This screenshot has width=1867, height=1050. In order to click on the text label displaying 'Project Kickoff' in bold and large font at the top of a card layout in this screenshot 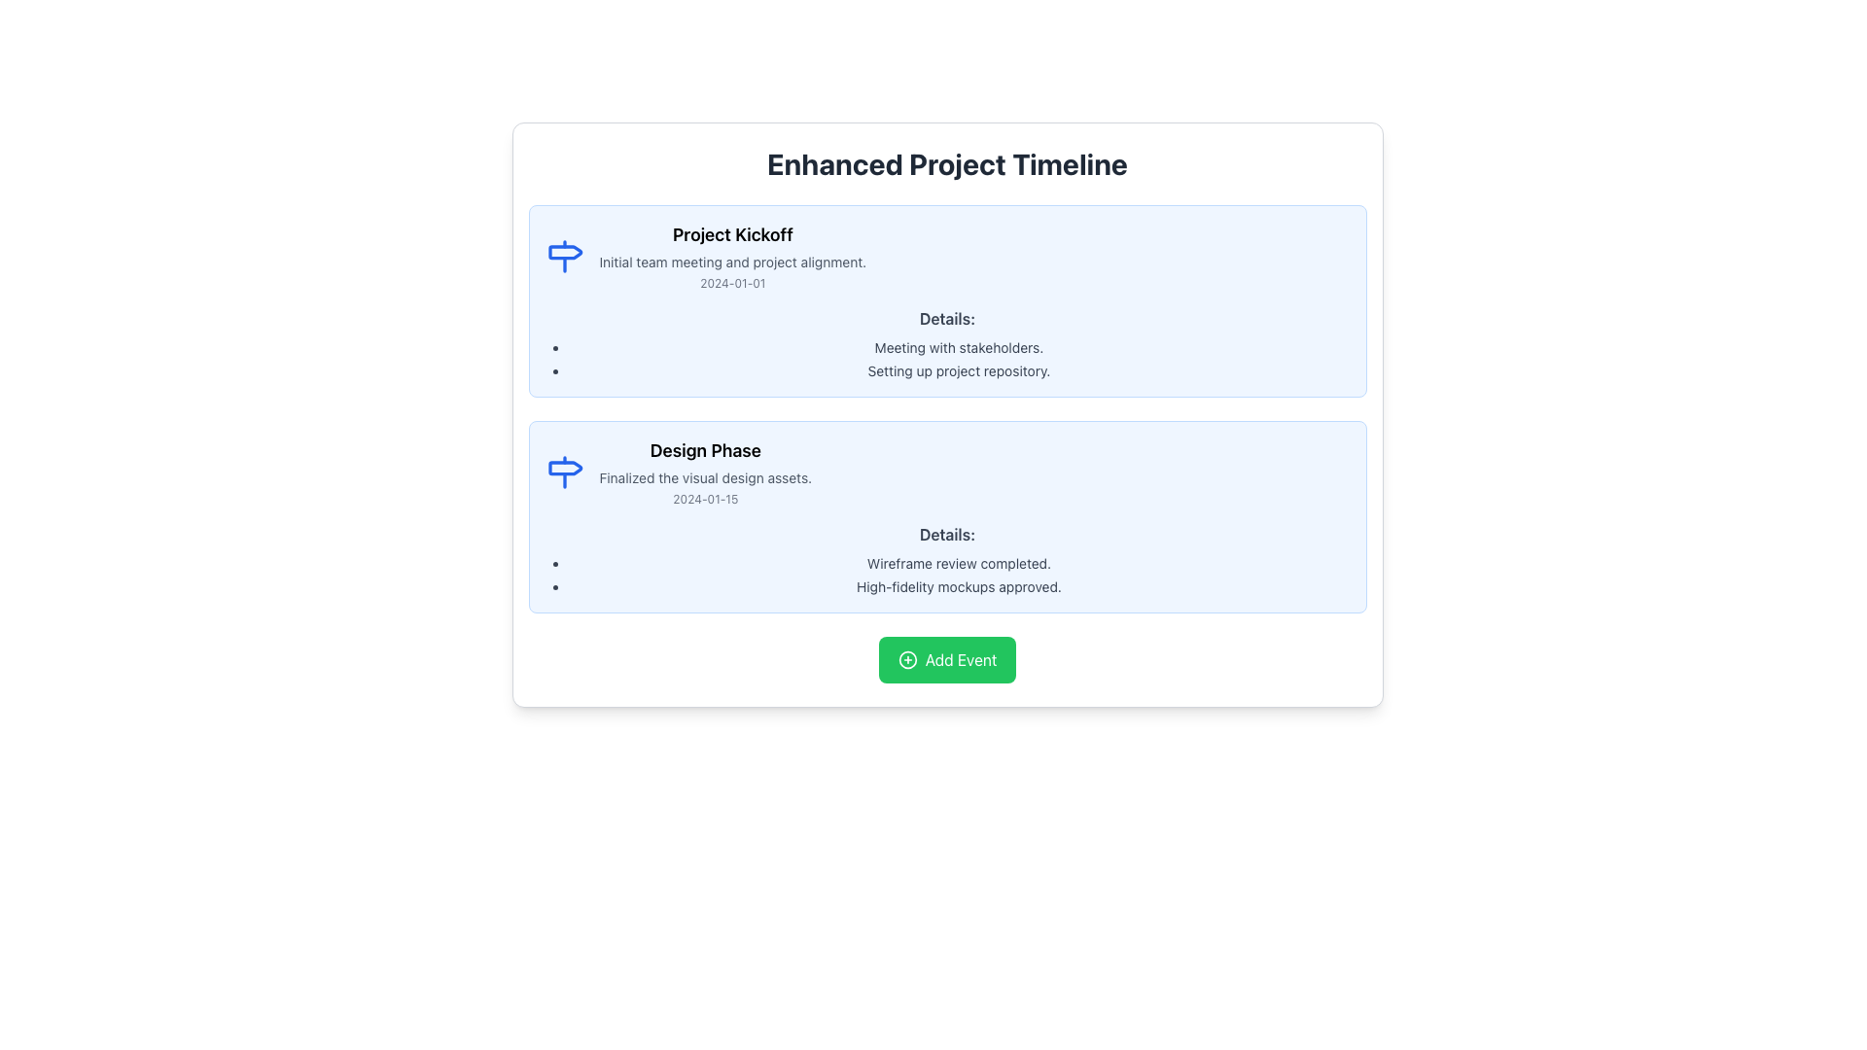, I will do `click(731, 234)`.